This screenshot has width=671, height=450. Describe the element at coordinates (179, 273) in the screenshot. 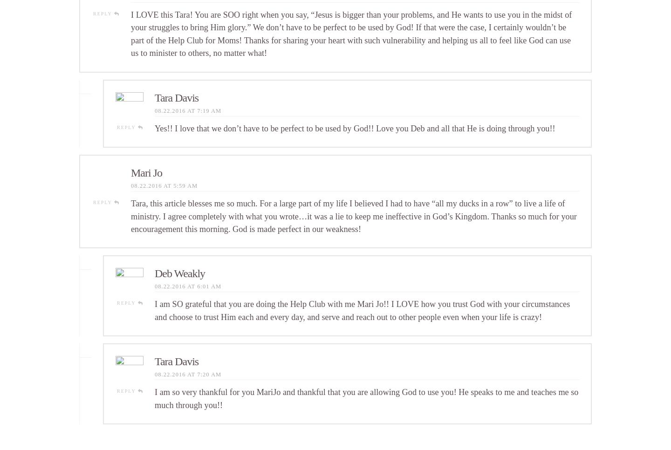

I see `'Deb Weakly'` at that location.